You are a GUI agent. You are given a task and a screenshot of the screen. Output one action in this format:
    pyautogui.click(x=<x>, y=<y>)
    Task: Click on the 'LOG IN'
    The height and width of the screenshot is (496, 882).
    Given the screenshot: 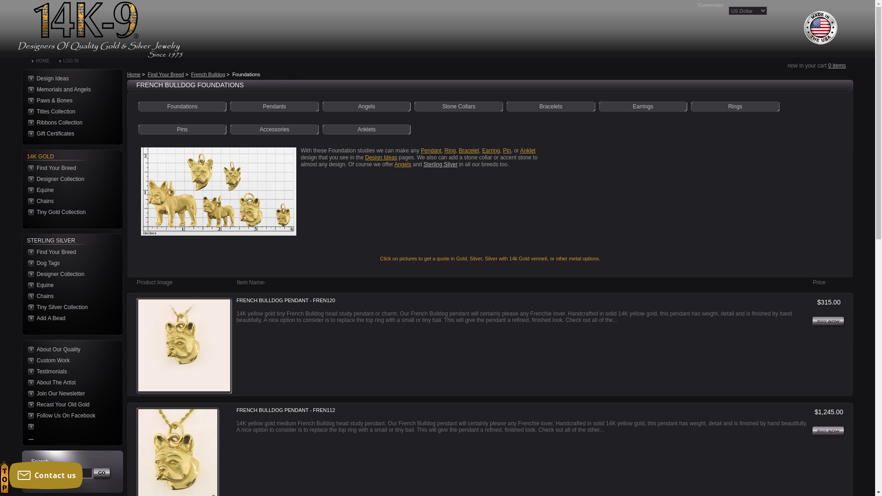 What is the action you would take?
    pyautogui.click(x=74, y=61)
    